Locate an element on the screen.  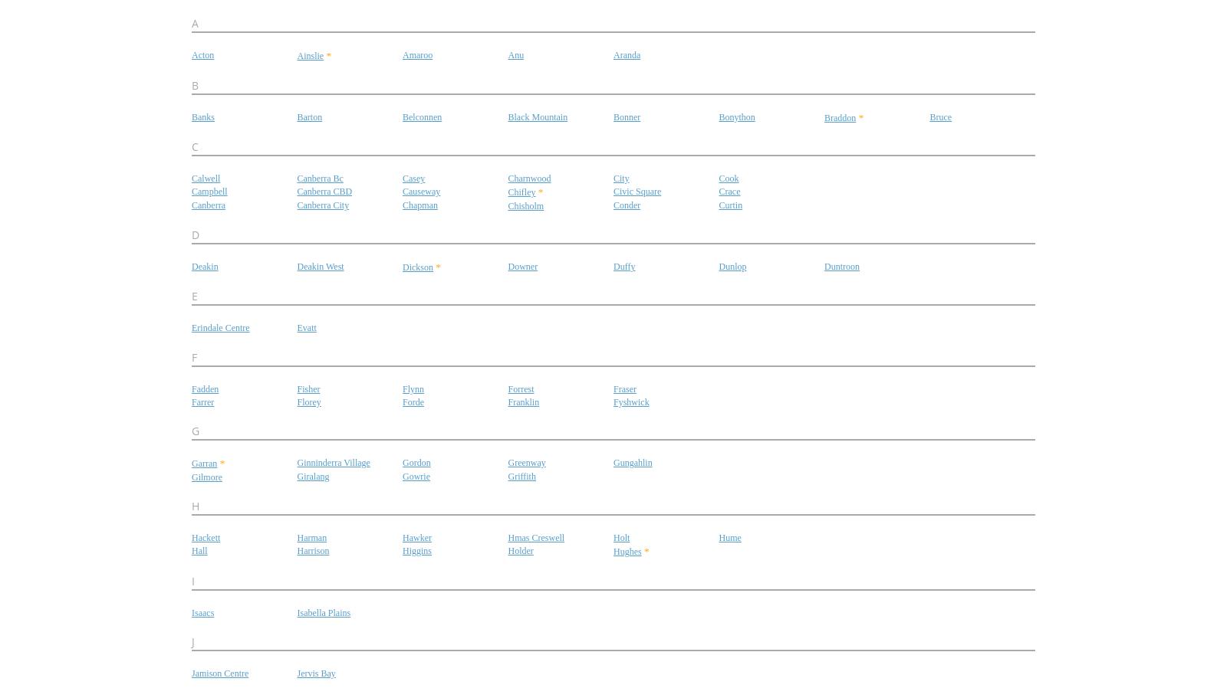
'Isabella Plains' is located at coordinates (323, 612).